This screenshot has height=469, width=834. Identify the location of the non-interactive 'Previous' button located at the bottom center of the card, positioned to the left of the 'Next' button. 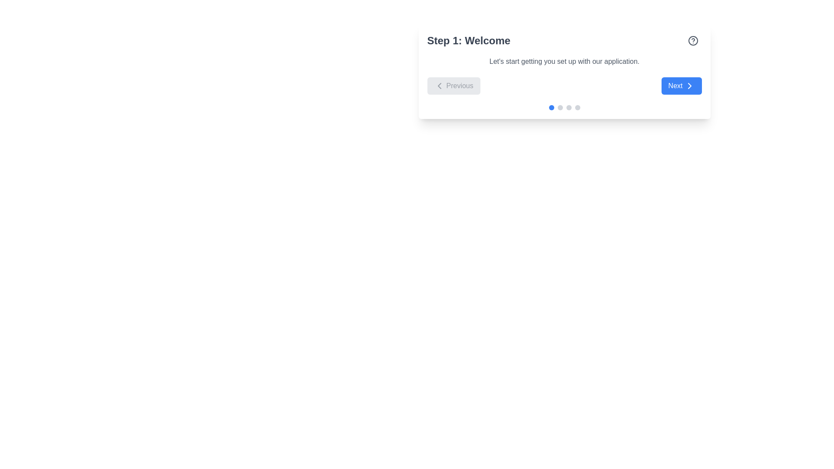
(453, 86).